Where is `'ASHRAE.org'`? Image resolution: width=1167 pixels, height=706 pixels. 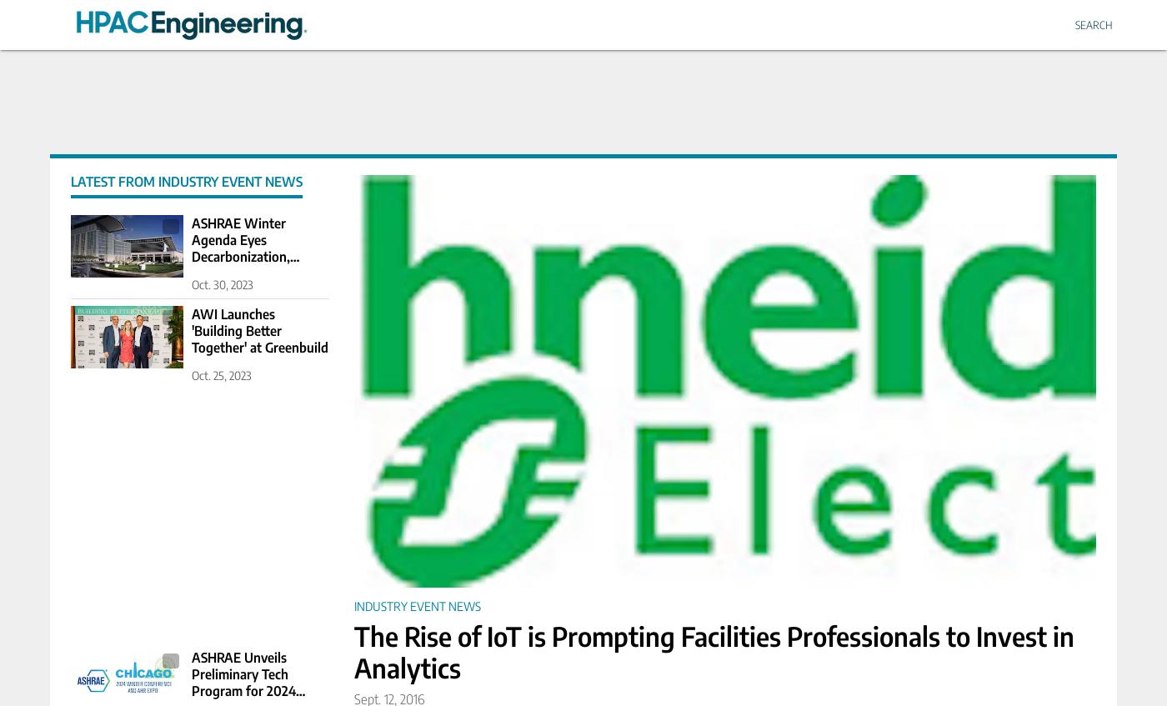
'ASHRAE.org' is located at coordinates (135, 661).